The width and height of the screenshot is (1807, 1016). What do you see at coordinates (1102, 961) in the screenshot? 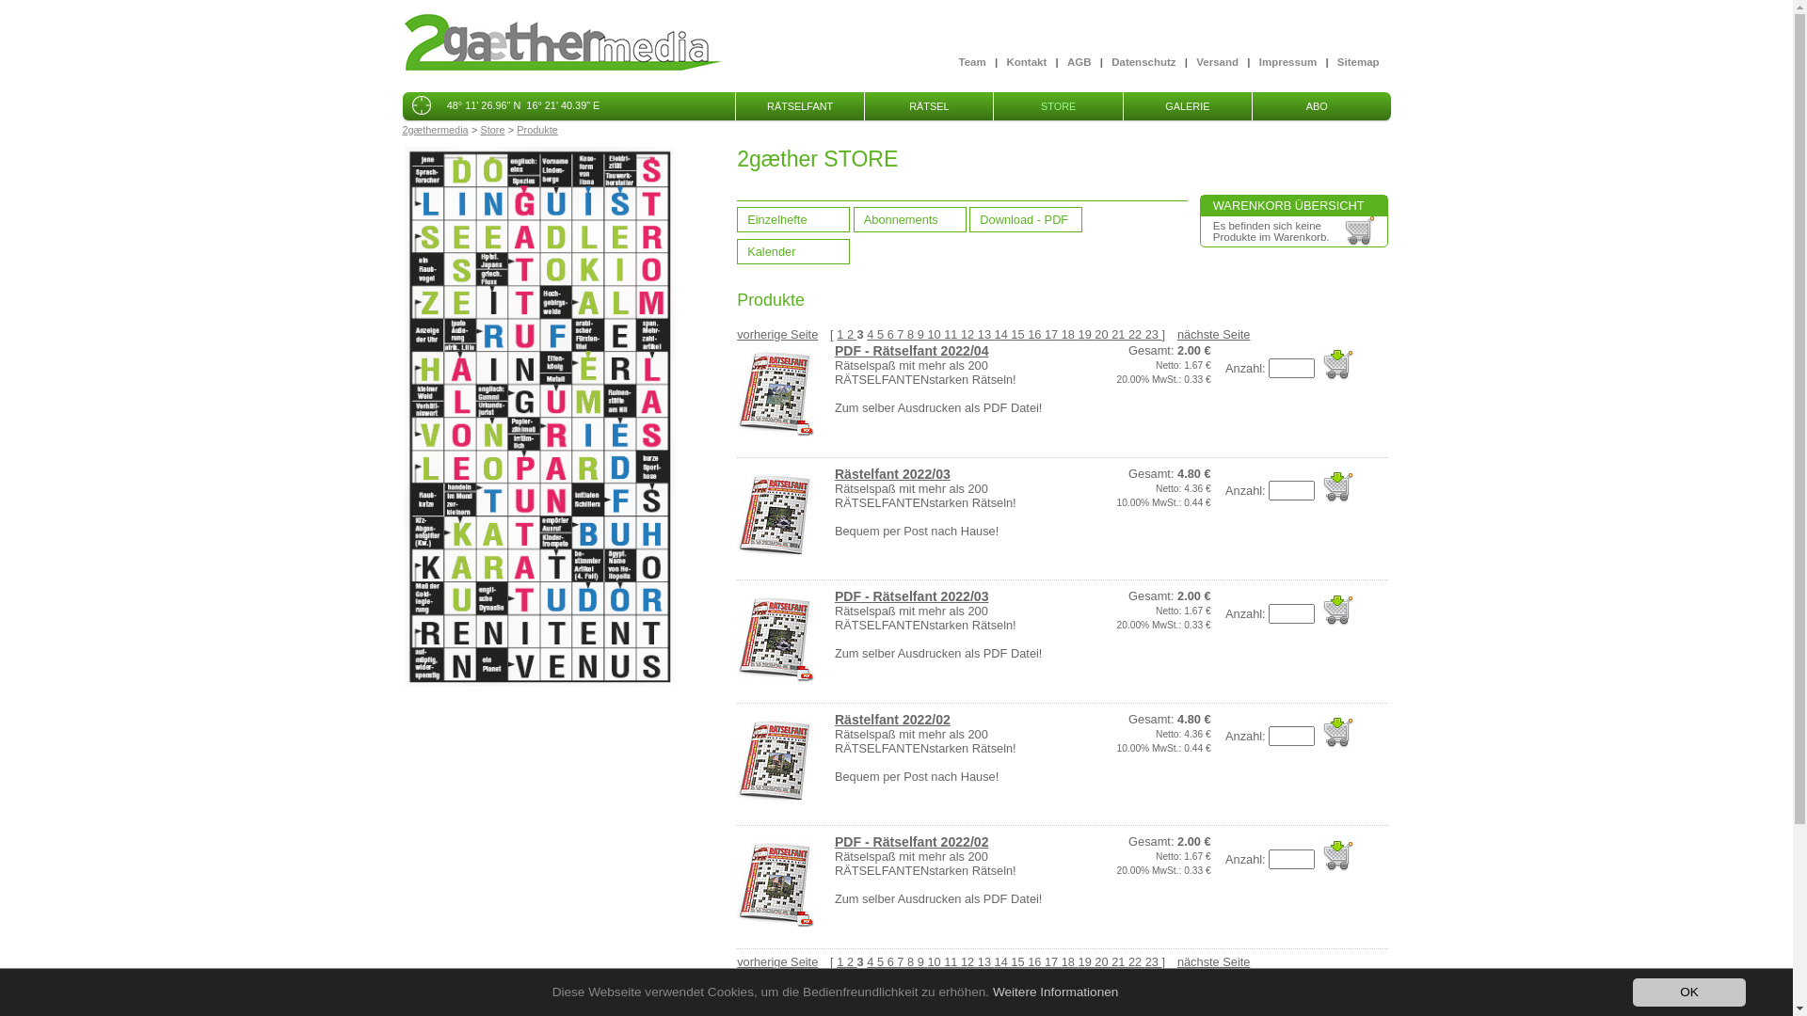
I see `'20'` at bounding box center [1102, 961].